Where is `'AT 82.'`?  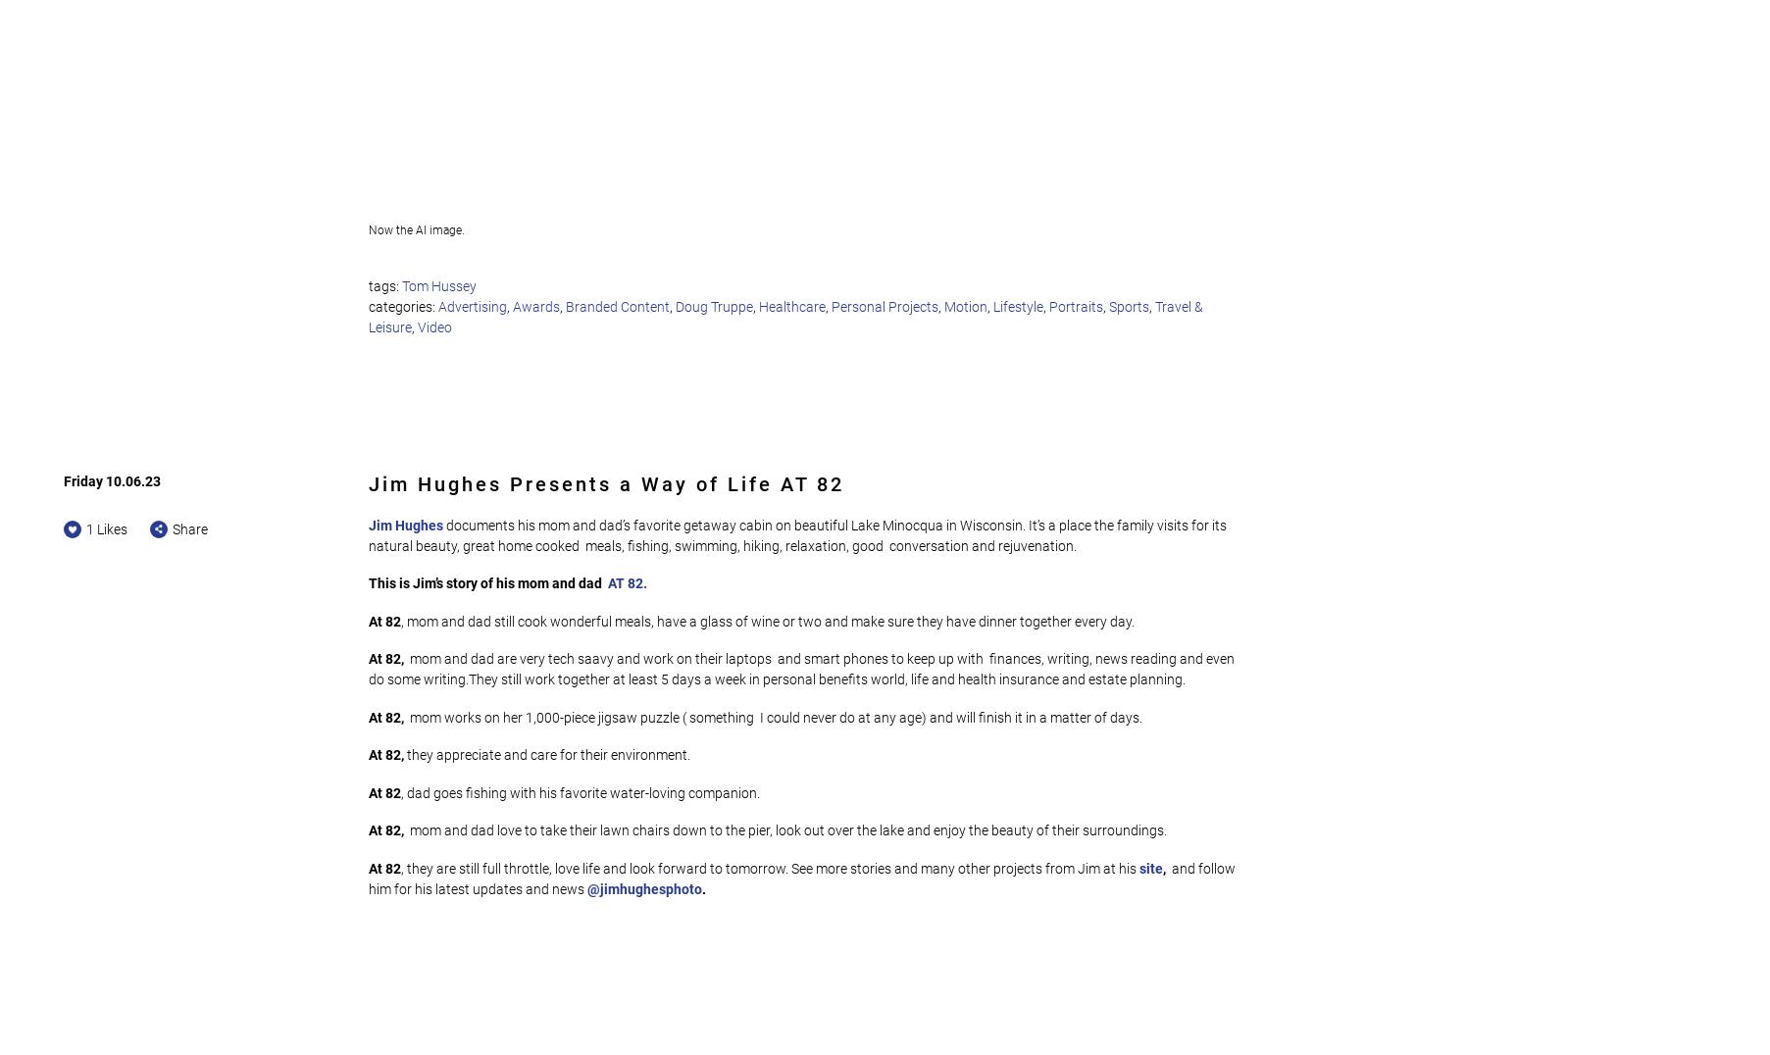
'AT 82.' is located at coordinates (628, 583).